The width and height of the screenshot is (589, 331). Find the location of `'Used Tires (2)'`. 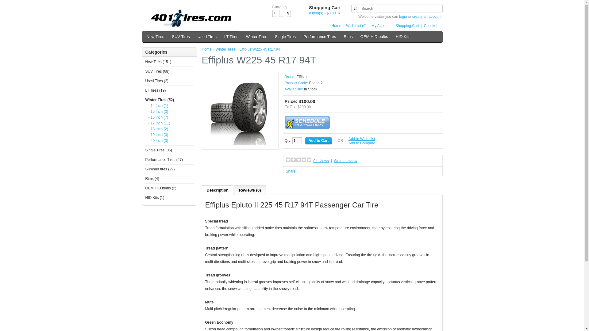

'Used Tires (2)' is located at coordinates (157, 80).